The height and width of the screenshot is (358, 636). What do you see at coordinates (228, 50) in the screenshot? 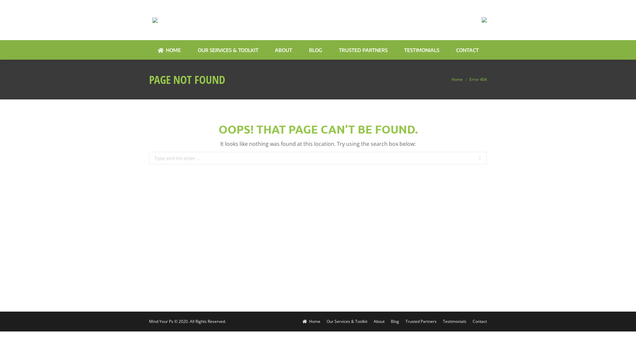
I see `'OUR SERVICES & TOOLKIT'` at bounding box center [228, 50].